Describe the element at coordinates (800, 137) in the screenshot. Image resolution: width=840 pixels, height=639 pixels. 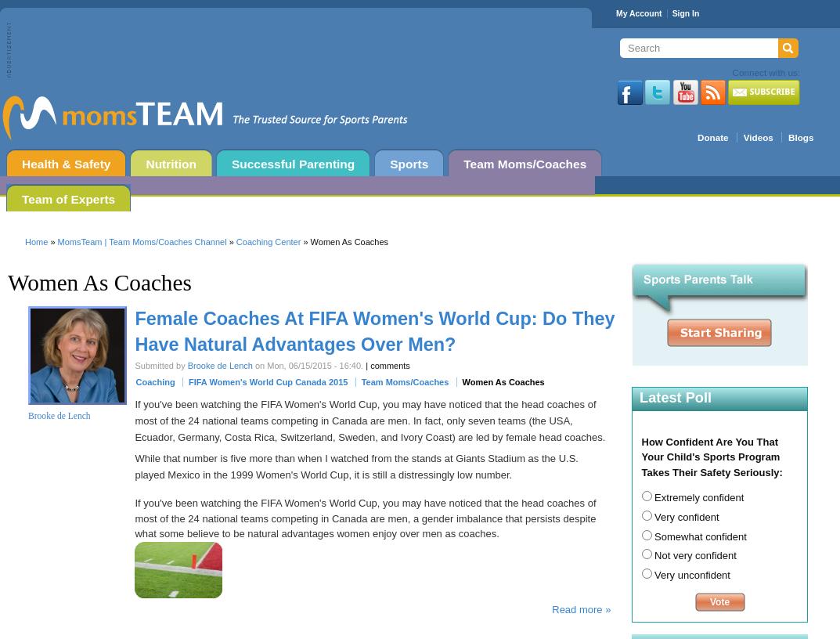
I see `'Blogs'` at that location.